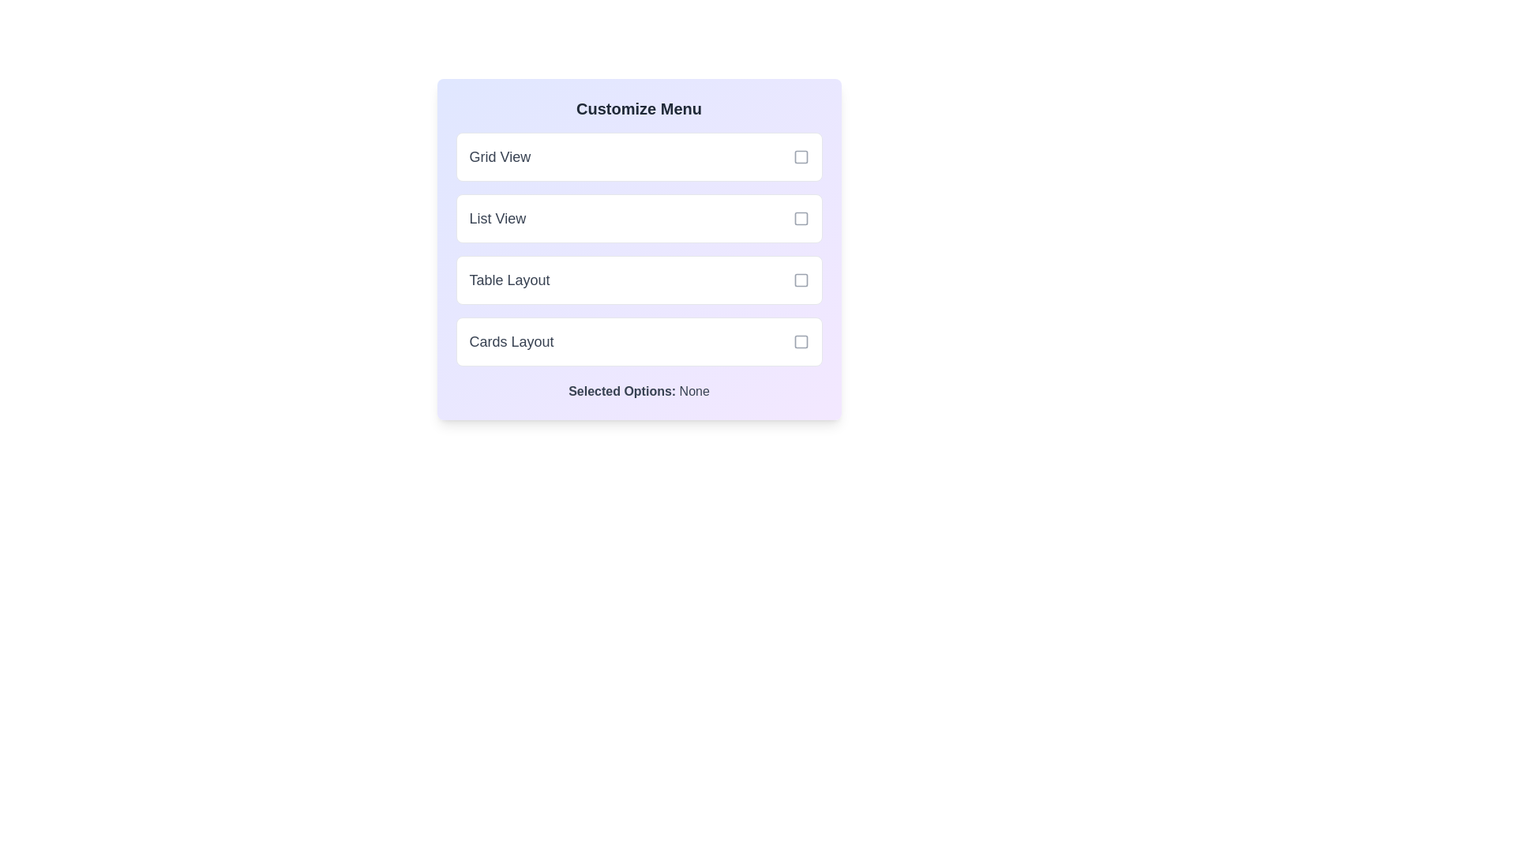 This screenshot has height=853, width=1516. What do you see at coordinates (639, 219) in the screenshot?
I see `the selectable option labeled 'List View' which is the second option in the vertical stack of selectable layout options under 'Customize Menu'` at bounding box center [639, 219].